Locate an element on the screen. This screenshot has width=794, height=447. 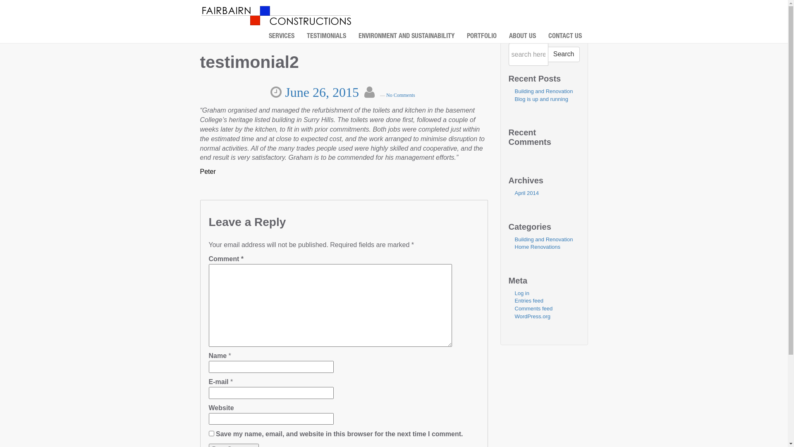
'SERVICES' is located at coordinates (281, 36).